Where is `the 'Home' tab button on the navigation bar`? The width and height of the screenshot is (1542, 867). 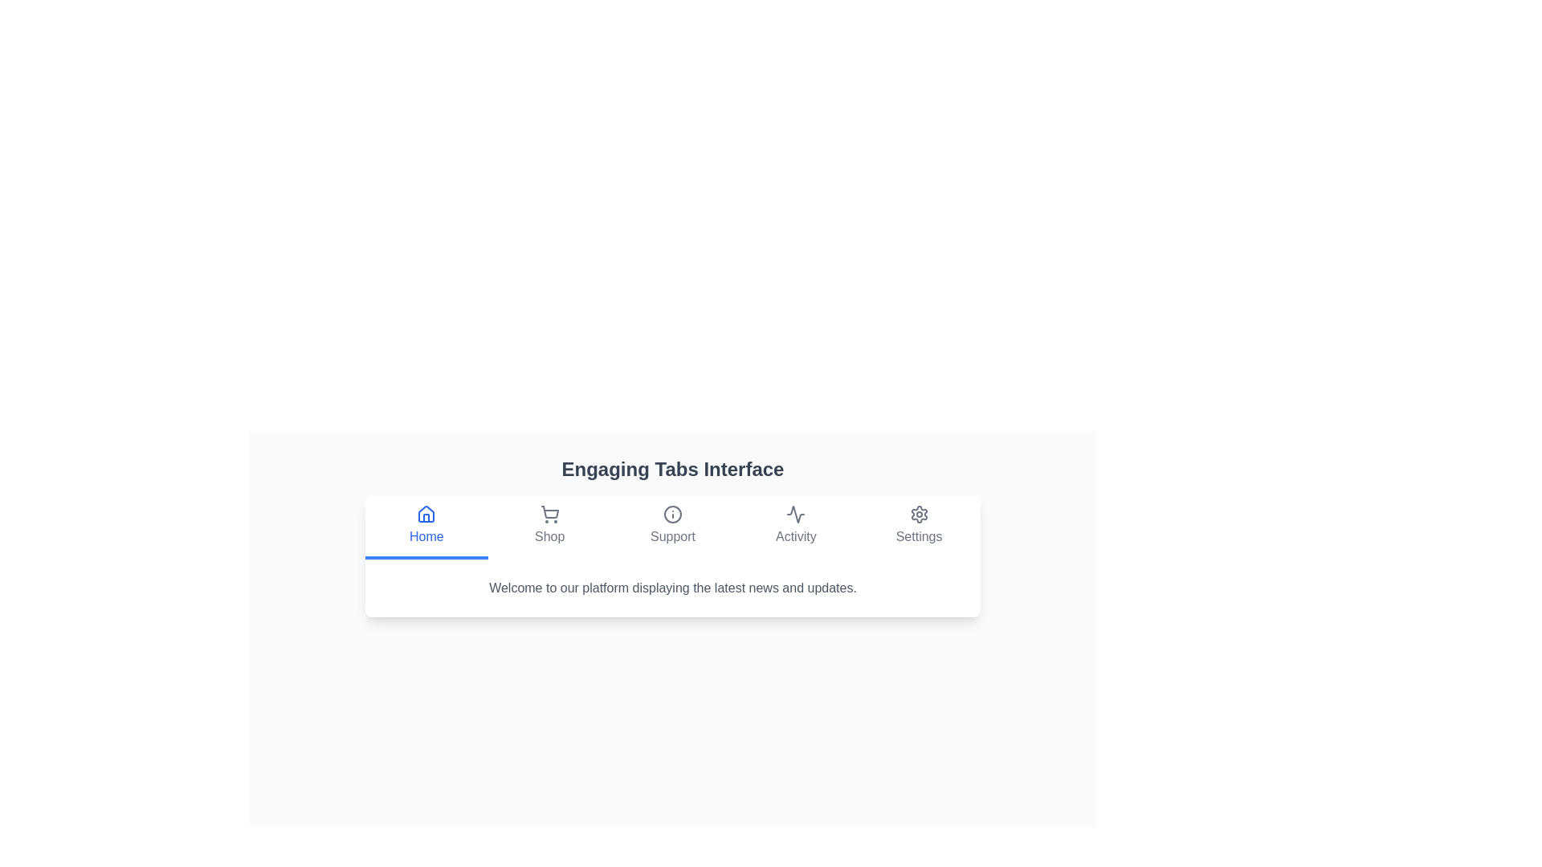 the 'Home' tab button on the navigation bar is located at coordinates (426, 527).